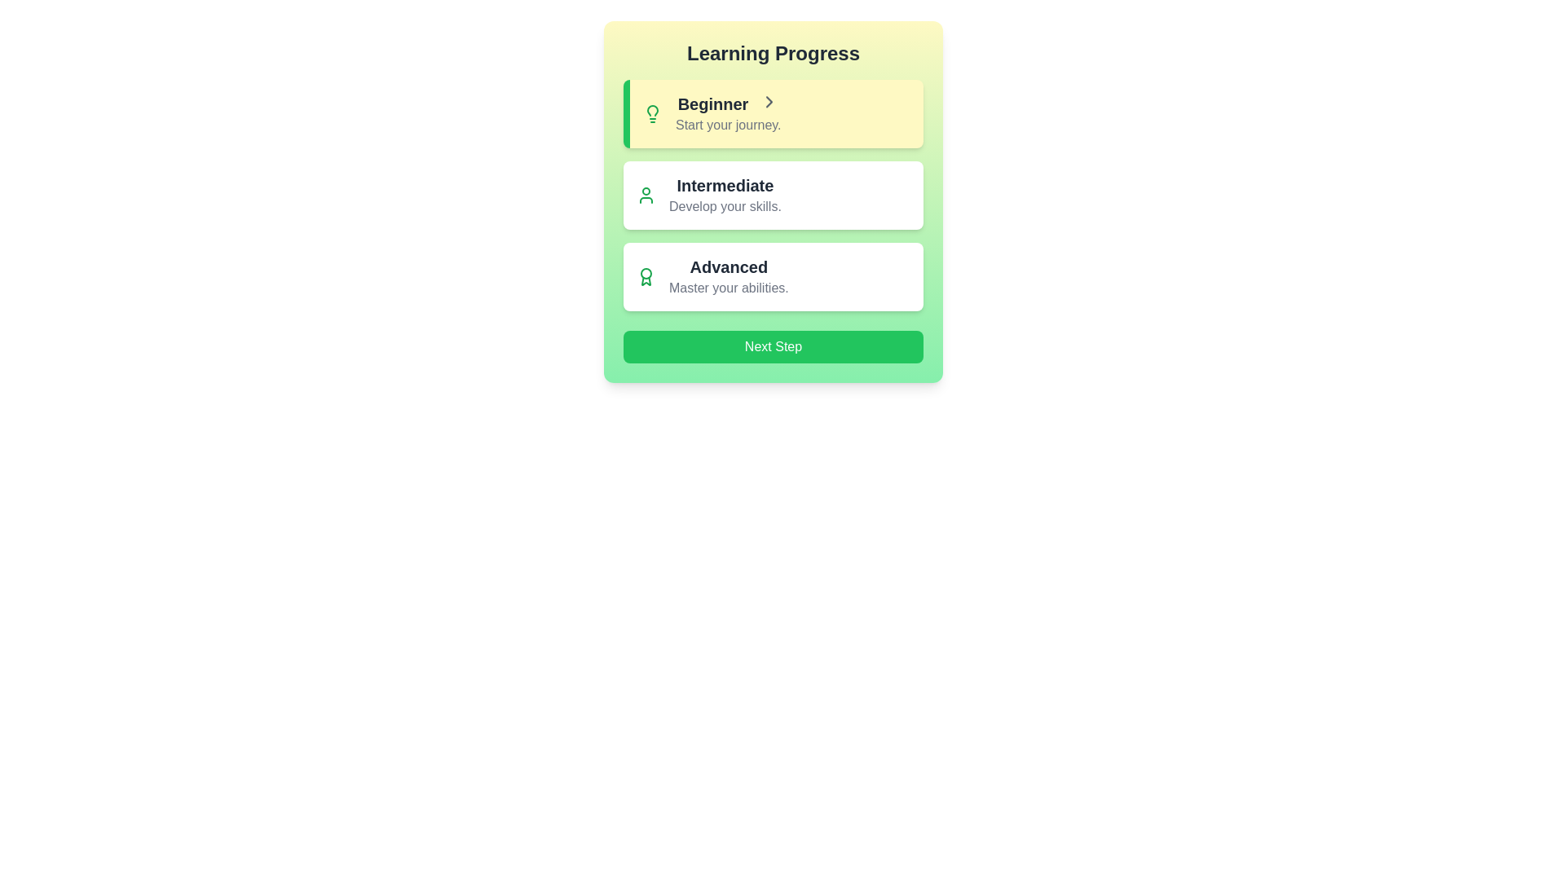 The width and height of the screenshot is (1565, 880). Describe the element at coordinates (724, 184) in the screenshot. I see `the 'Intermediate' title label in the 'Learning Progress' interface to provide emphasis and context` at that location.